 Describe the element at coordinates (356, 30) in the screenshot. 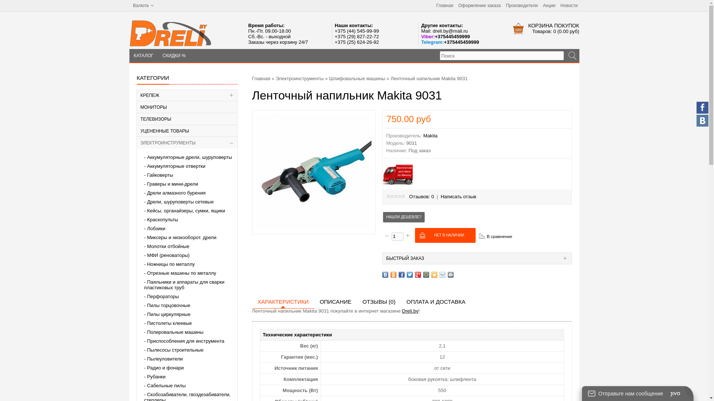

I see `'+375 (44) 545-99-99'` at that location.